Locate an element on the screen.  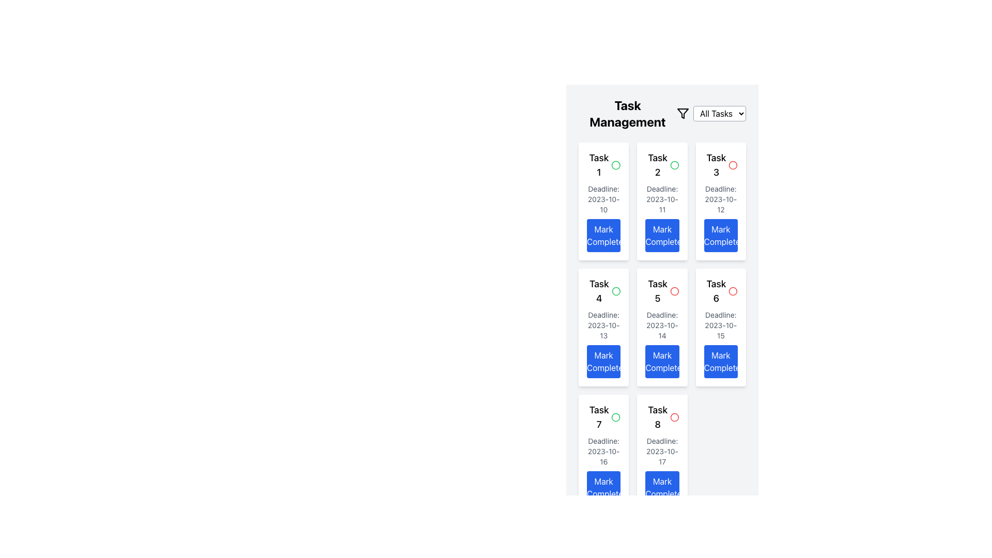
the bold static text label reading 'Task 6' located at the top of its card in the sixth position of the task grid layout is located at coordinates (716, 291).